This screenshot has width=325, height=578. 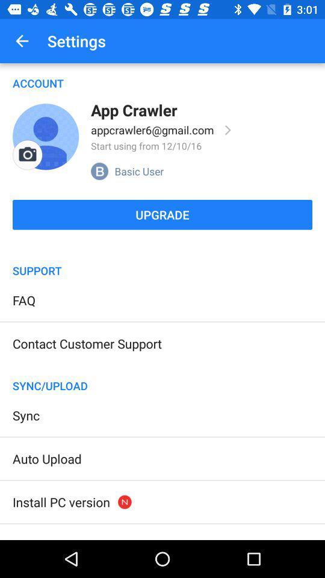 I want to click on the item above trash, so click(x=61, y=502).